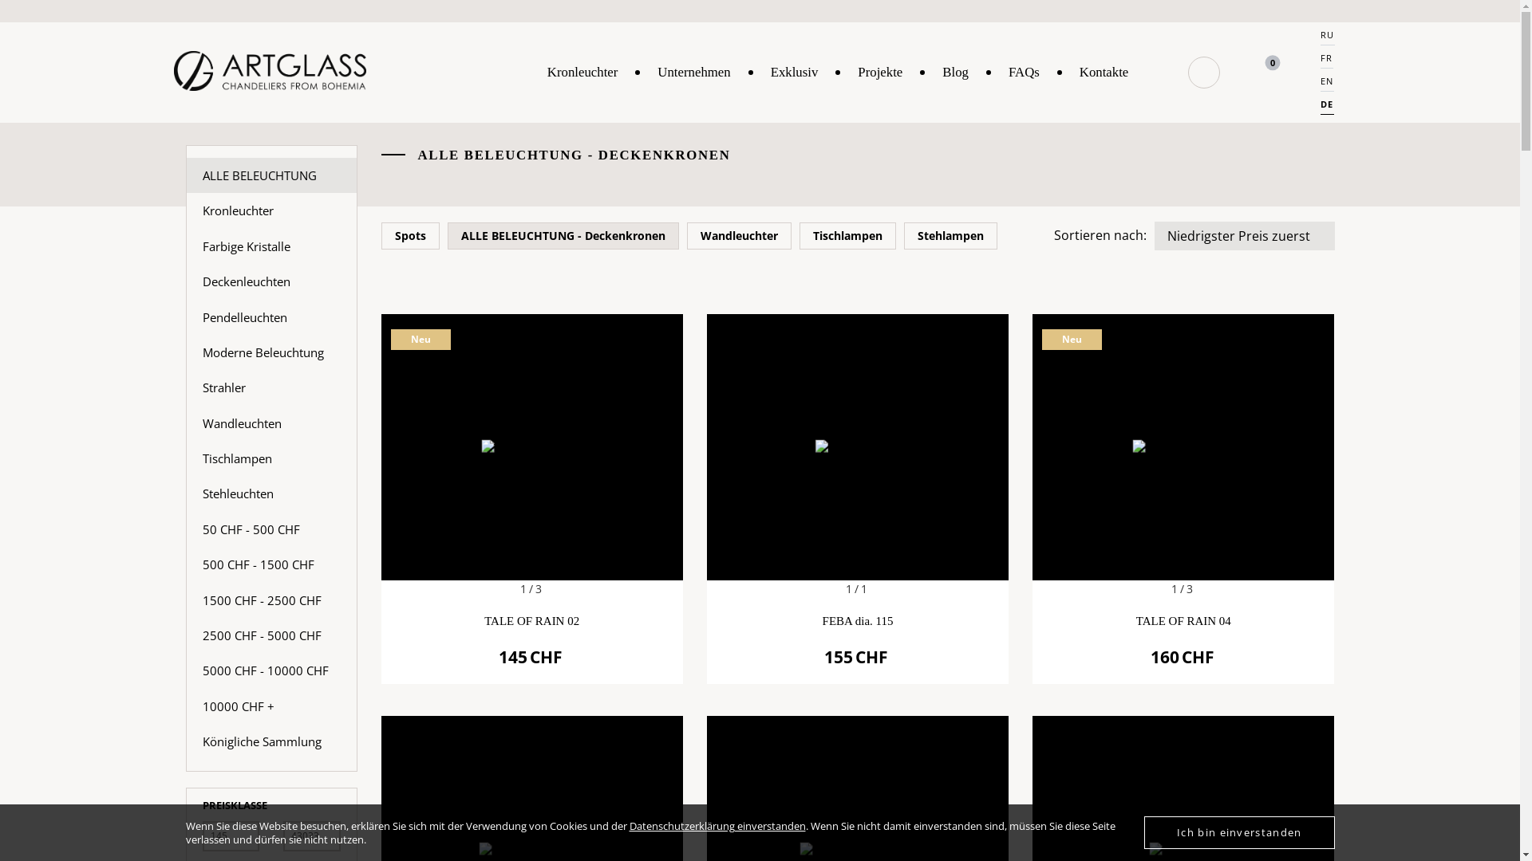 The width and height of the screenshot is (1532, 861). I want to click on 'Farbige Kristalle', so click(271, 246).